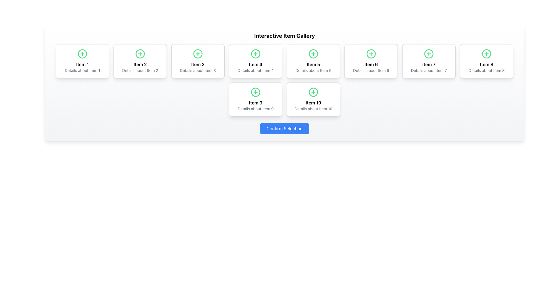  What do you see at coordinates (255, 92) in the screenshot?
I see `the circular green icon with a plus sign at the top center of the card labeled 'Item 9'` at bounding box center [255, 92].